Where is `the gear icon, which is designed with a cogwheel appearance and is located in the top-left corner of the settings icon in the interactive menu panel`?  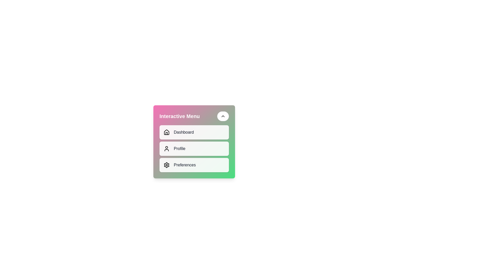 the gear icon, which is designed with a cogwheel appearance and is located in the top-left corner of the settings icon in the interactive menu panel is located at coordinates (166, 165).